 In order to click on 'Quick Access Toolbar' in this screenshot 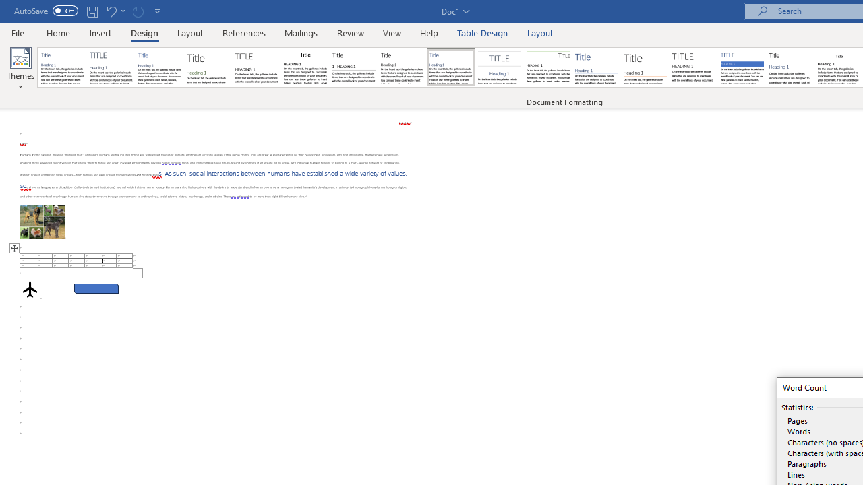, I will do `click(88, 11)`.